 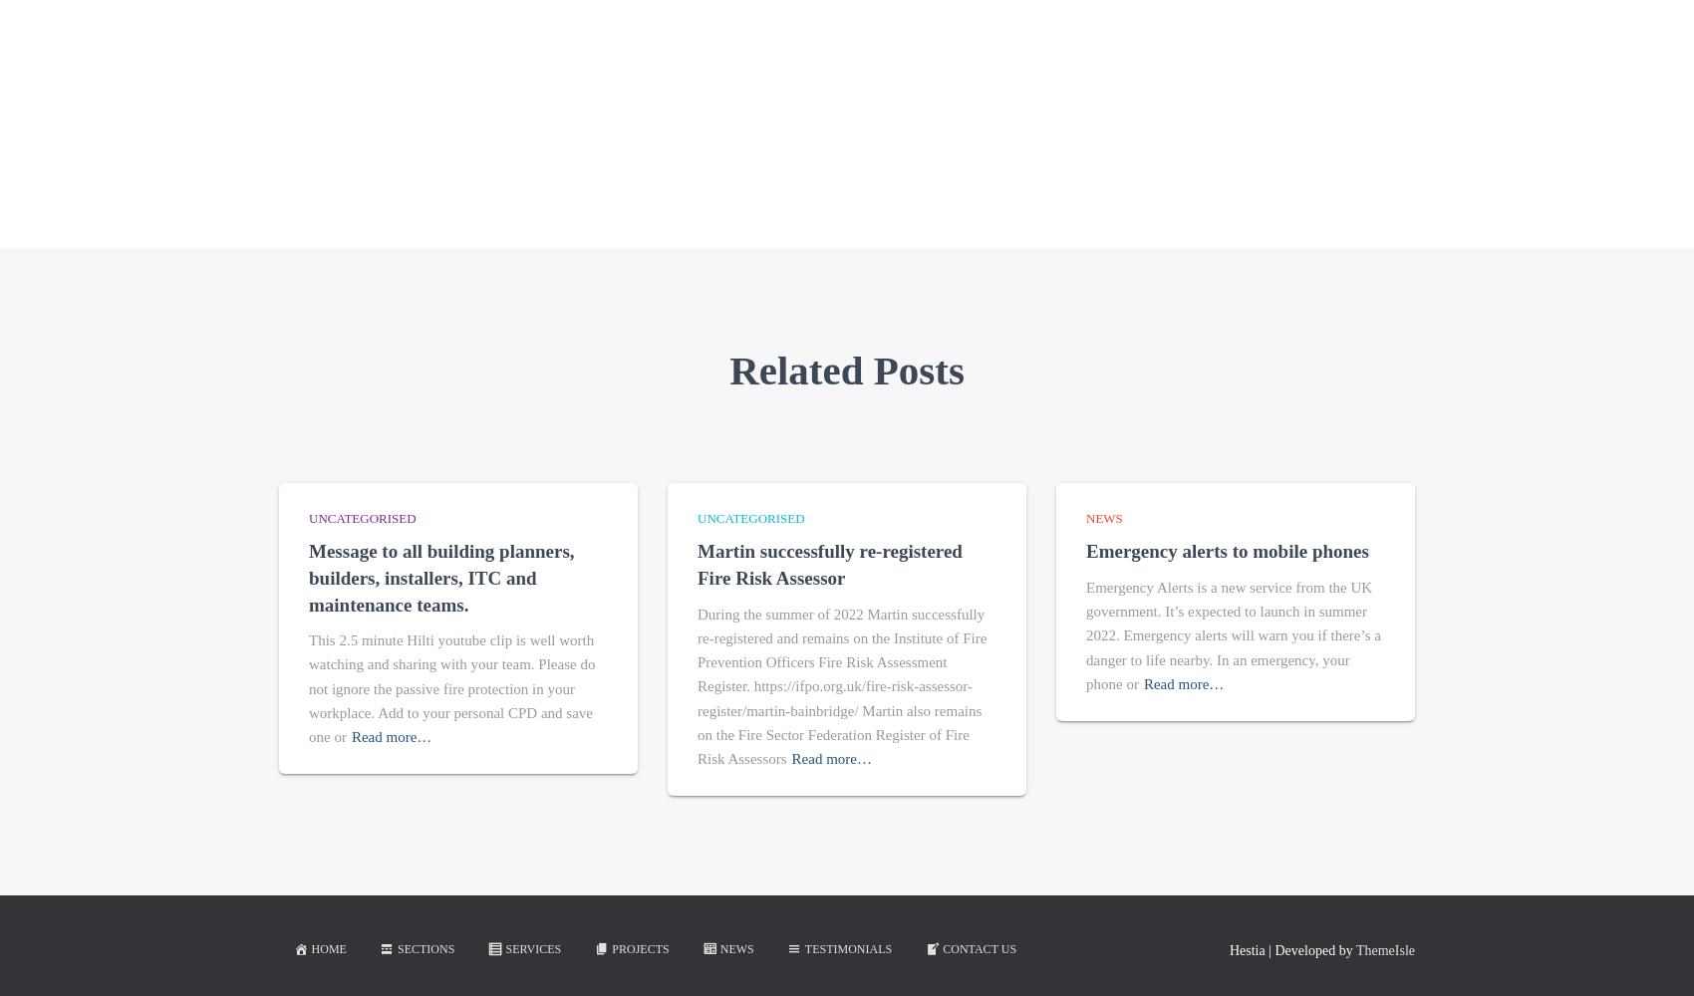 What do you see at coordinates (845, 369) in the screenshot?
I see `'Related Posts'` at bounding box center [845, 369].